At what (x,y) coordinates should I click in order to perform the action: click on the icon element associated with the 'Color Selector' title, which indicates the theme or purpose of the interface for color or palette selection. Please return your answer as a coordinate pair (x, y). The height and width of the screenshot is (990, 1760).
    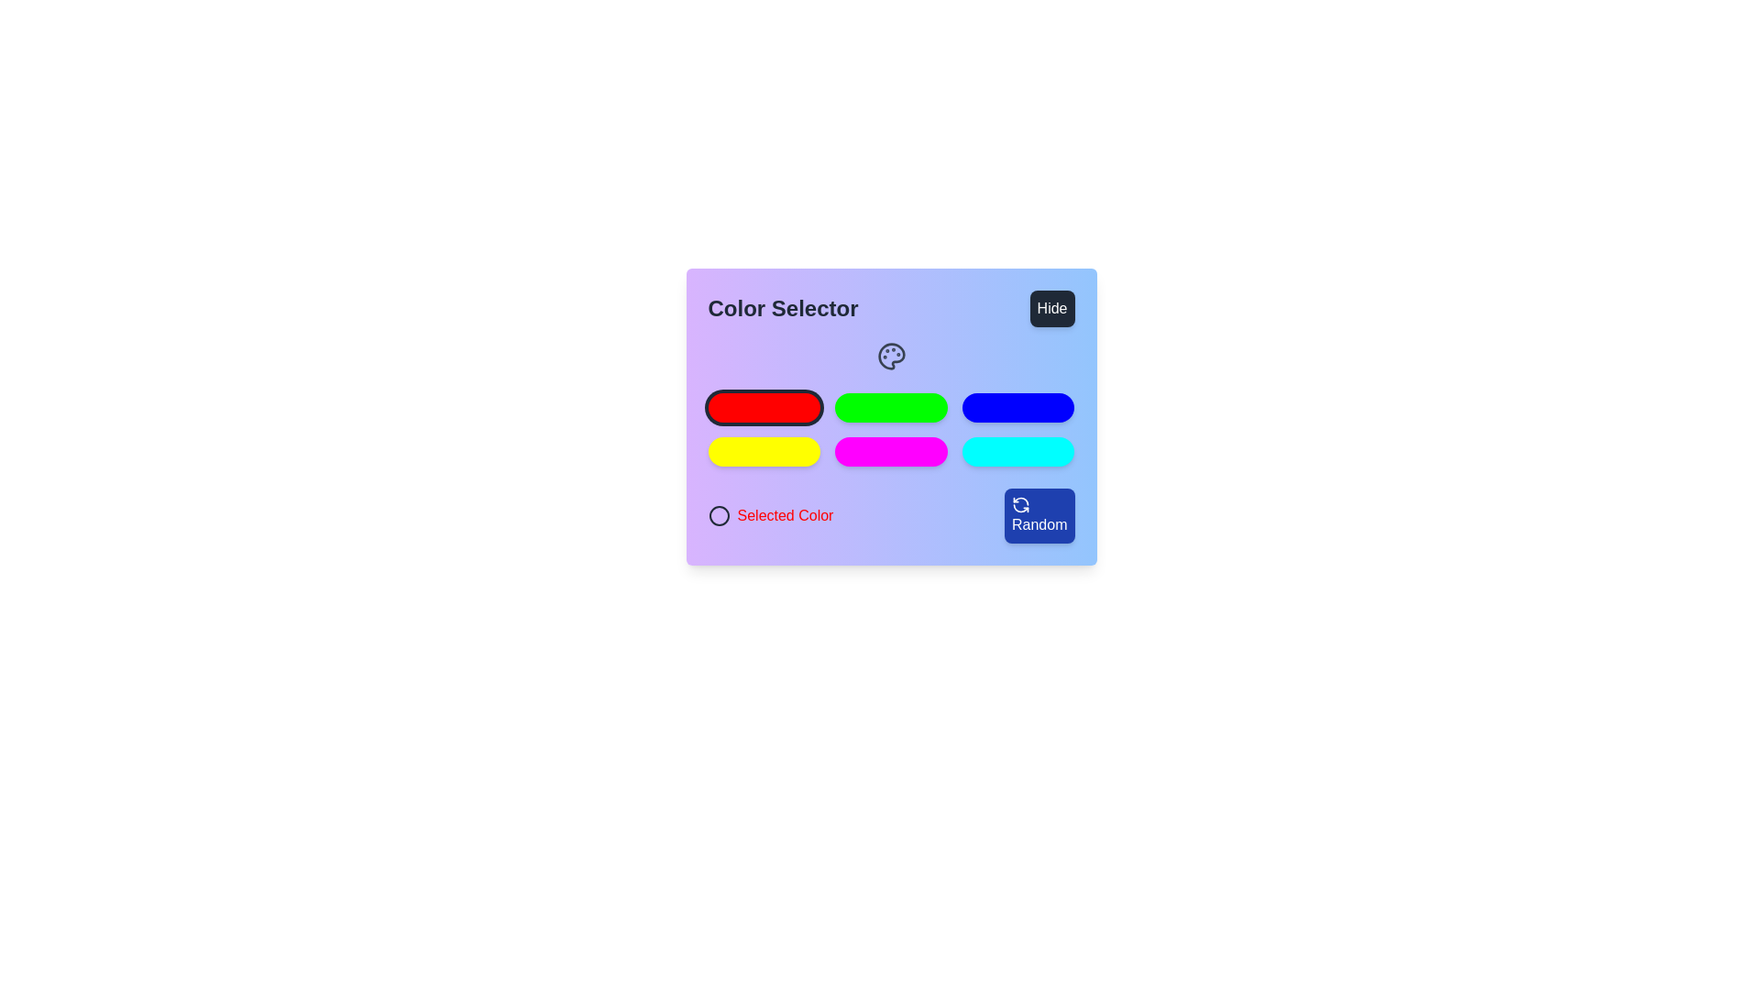
    Looking at the image, I should click on (891, 357).